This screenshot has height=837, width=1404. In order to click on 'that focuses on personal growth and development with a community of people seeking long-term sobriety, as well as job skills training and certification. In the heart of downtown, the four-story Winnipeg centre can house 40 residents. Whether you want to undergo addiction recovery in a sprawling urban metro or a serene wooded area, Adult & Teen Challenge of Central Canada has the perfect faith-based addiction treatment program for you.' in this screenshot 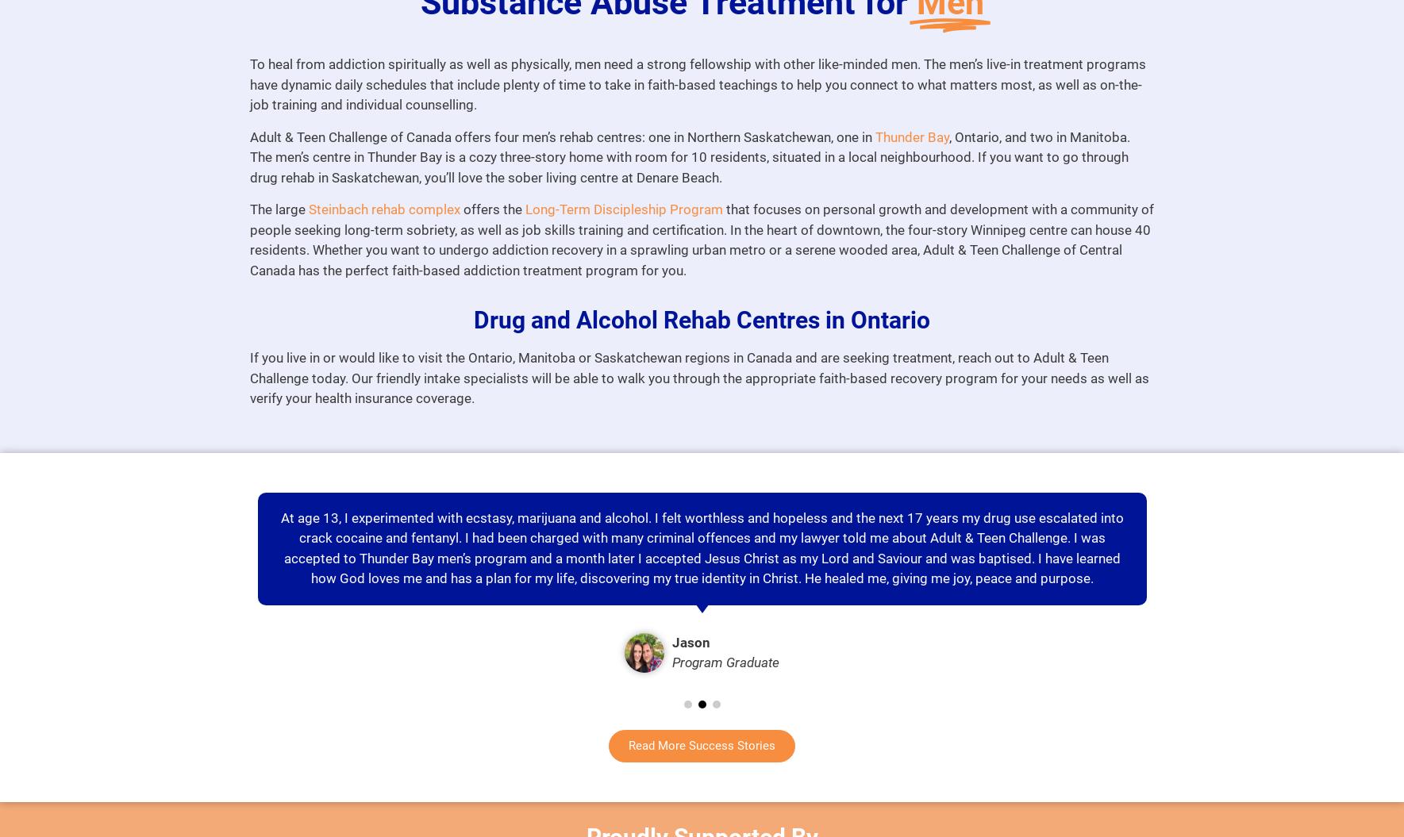, I will do `click(700, 239)`.